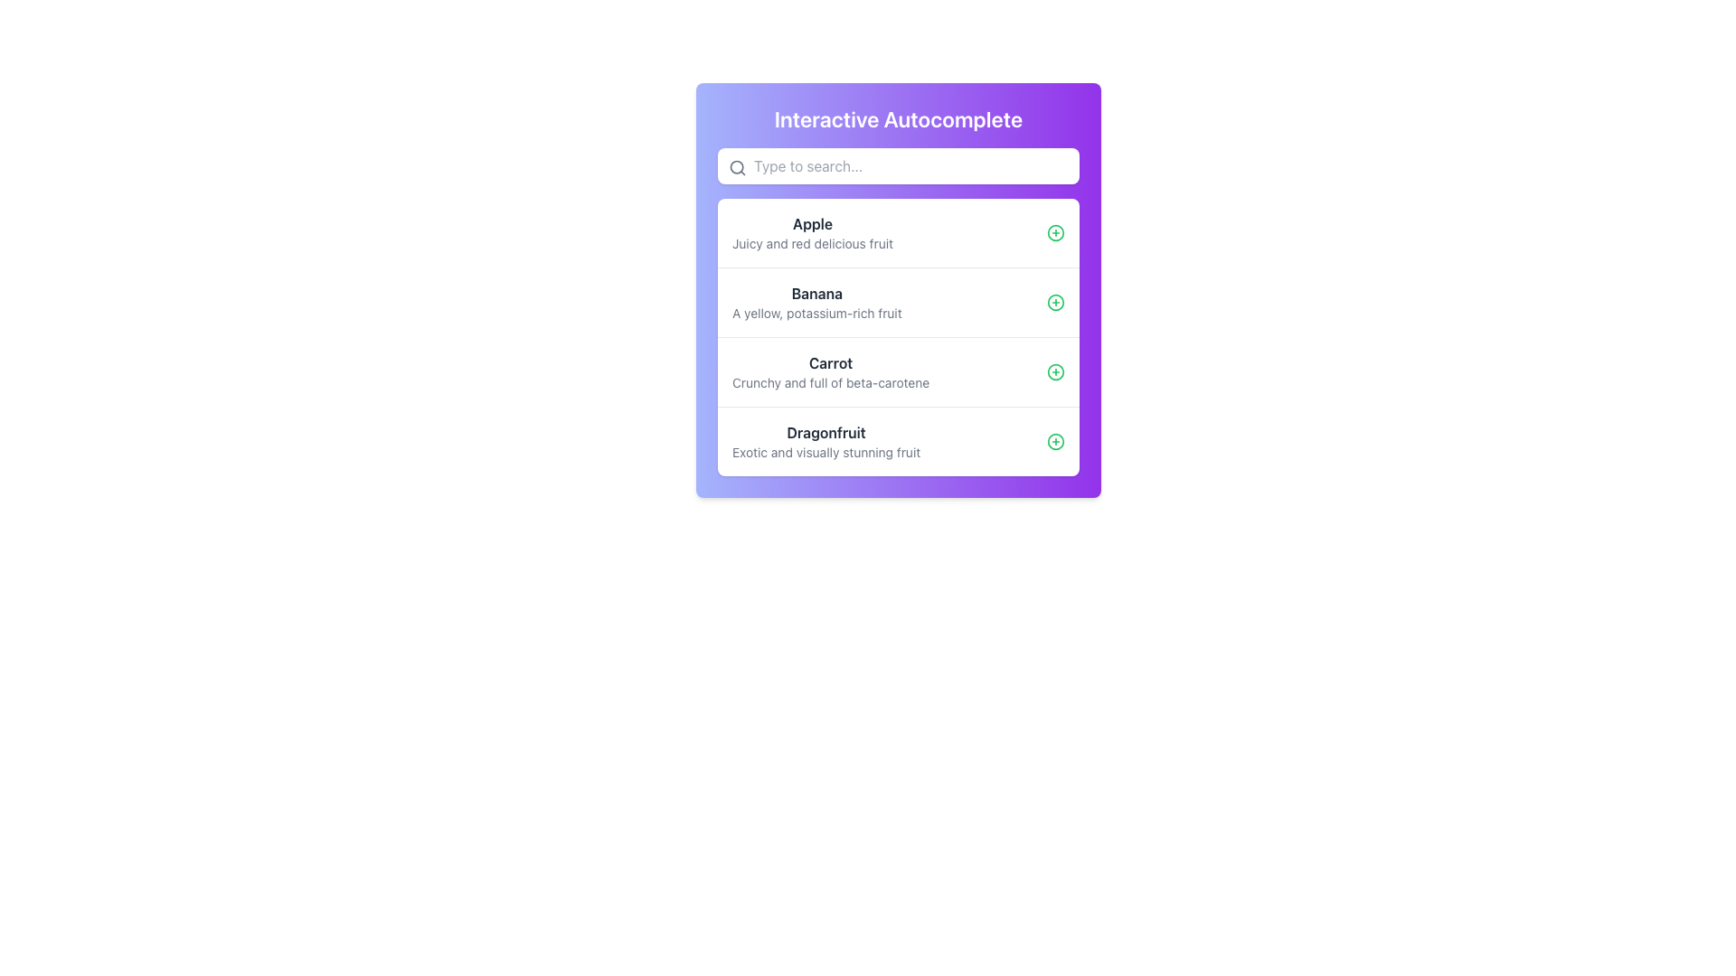  What do you see at coordinates (898, 301) in the screenshot?
I see `the list item containing the title 'Banana' and the description 'A yellow, potassium-rich fruit'` at bounding box center [898, 301].